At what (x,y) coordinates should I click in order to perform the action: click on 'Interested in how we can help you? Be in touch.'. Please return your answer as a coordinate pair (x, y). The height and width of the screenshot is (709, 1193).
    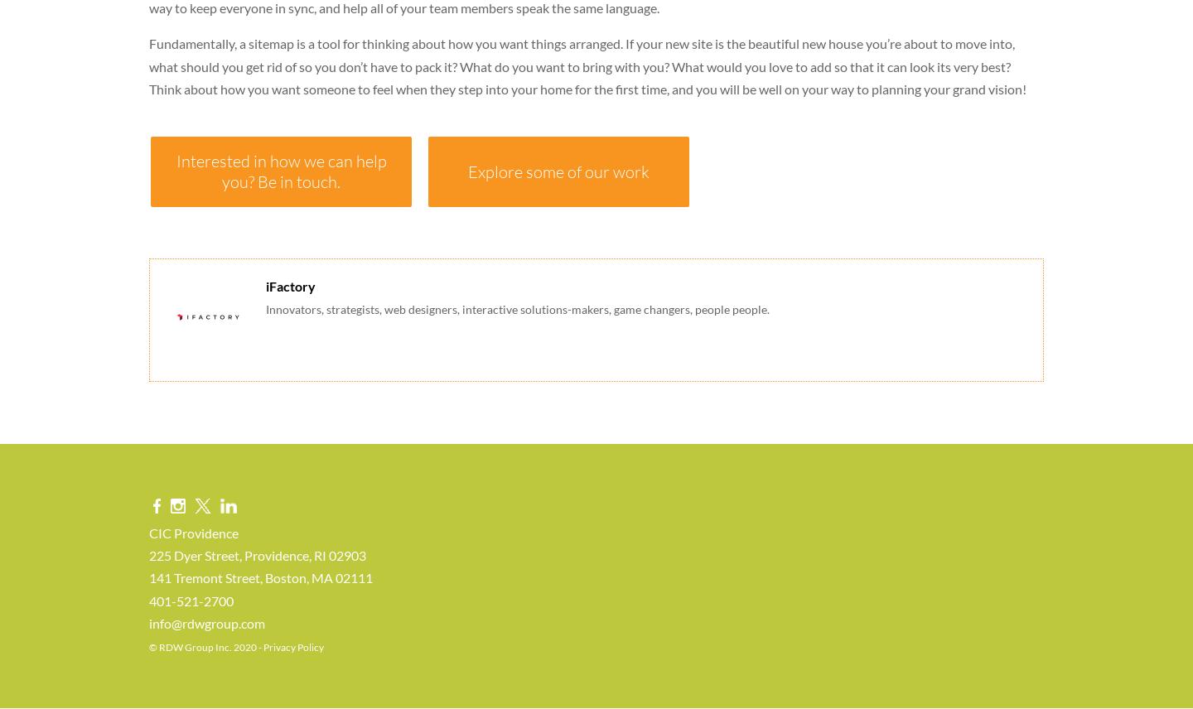
    Looking at the image, I should click on (280, 170).